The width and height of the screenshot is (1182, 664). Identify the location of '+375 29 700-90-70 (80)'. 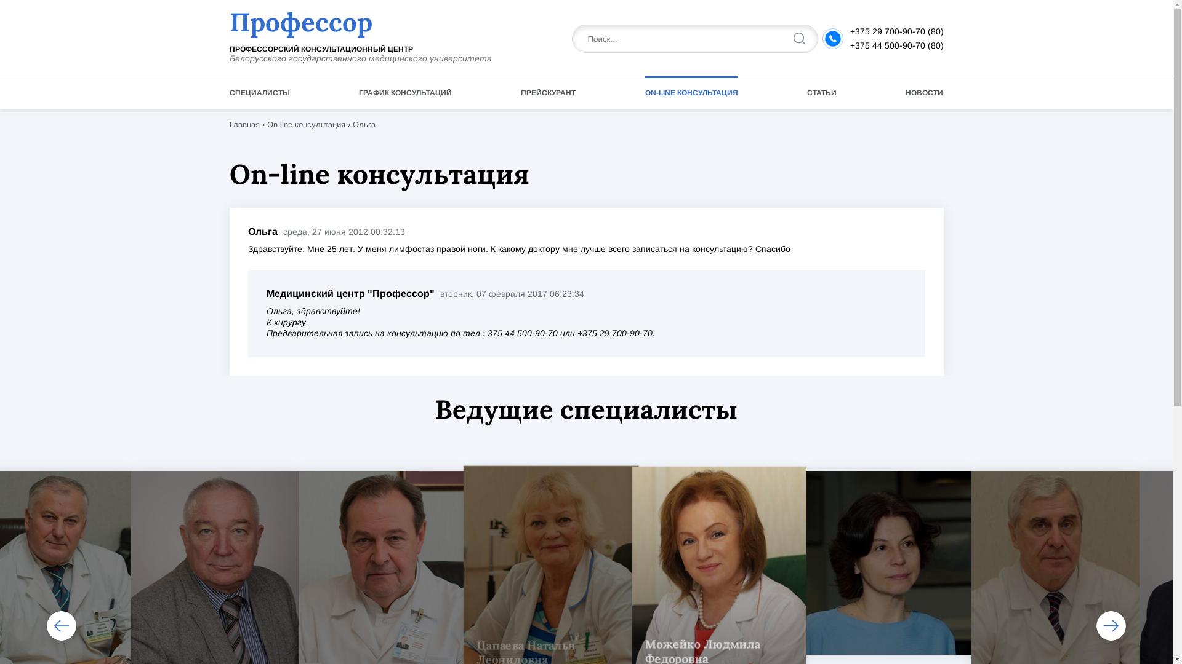
(896, 30).